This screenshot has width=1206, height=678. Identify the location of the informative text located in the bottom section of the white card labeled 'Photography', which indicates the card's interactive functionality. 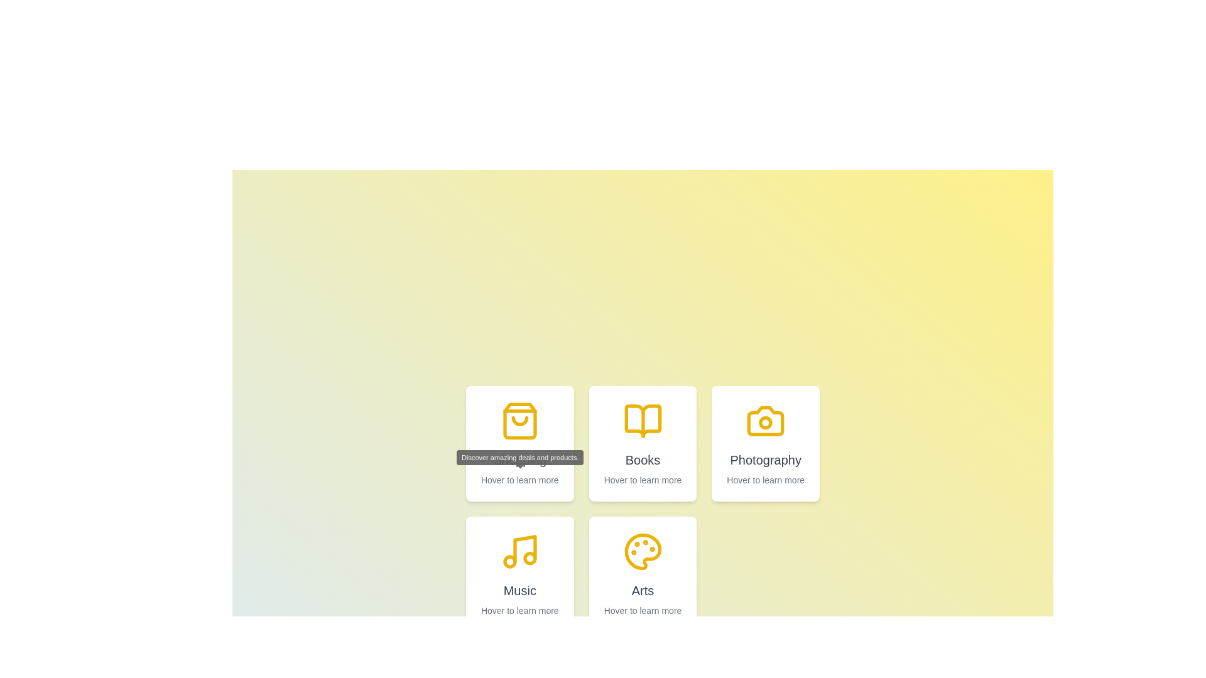
(765, 480).